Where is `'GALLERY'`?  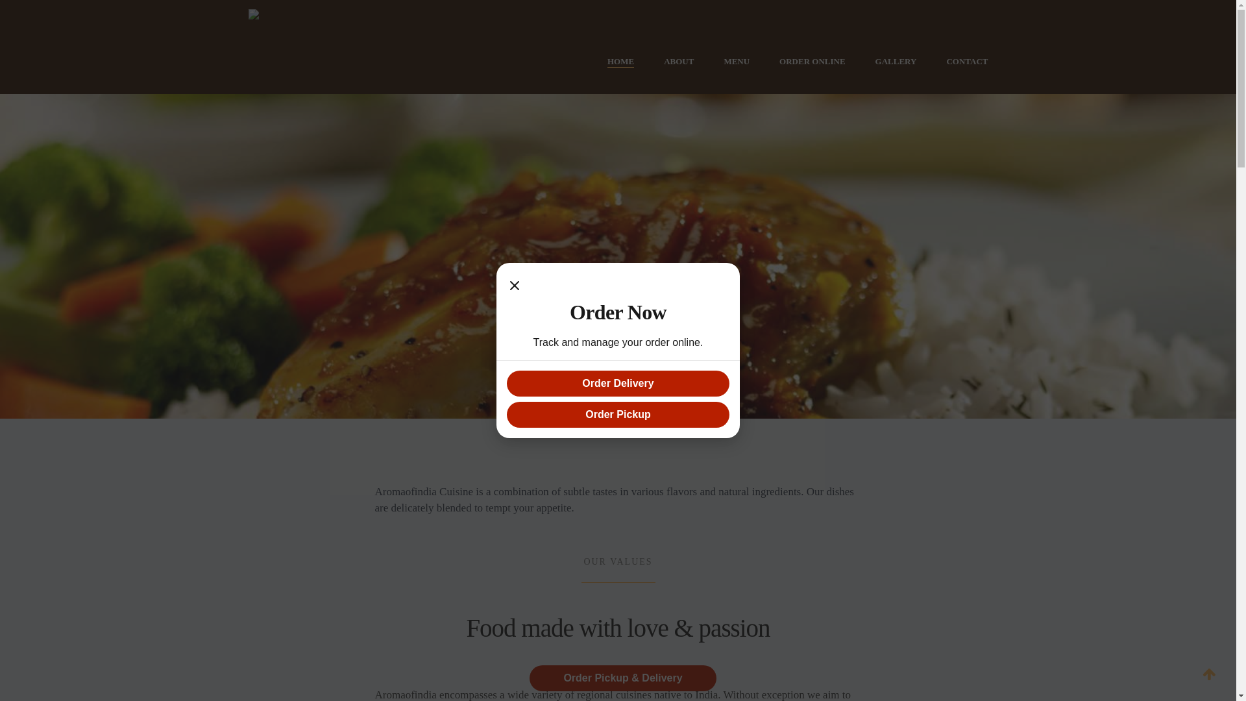 'GALLERY' is located at coordinates (896, 62).